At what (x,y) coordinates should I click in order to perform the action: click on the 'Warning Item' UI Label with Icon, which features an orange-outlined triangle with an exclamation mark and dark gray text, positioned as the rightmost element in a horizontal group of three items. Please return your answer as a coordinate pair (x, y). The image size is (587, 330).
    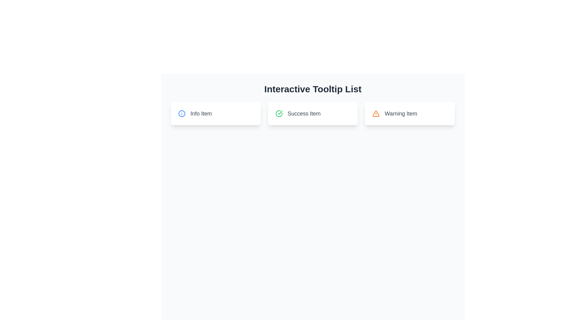
    Looking at the image, I should click on (410, 113).